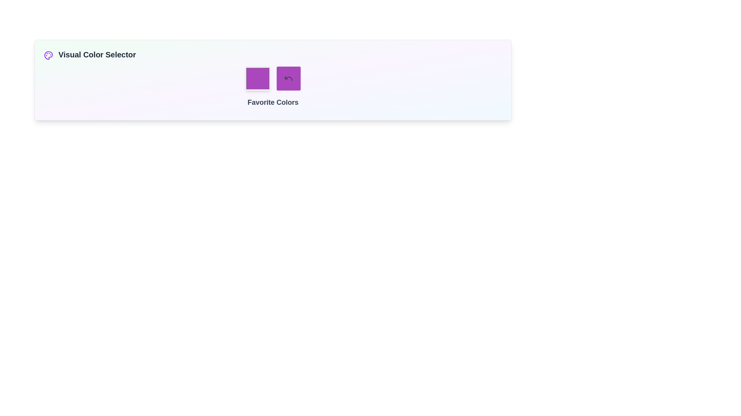  Describe the element at coordinates (288, 79) in the screenshot. I see `the small gray icon button depicting a curved arrow pointing left, which is located in the second purple square from the left in the 'Favorite Colors' section` at that location.